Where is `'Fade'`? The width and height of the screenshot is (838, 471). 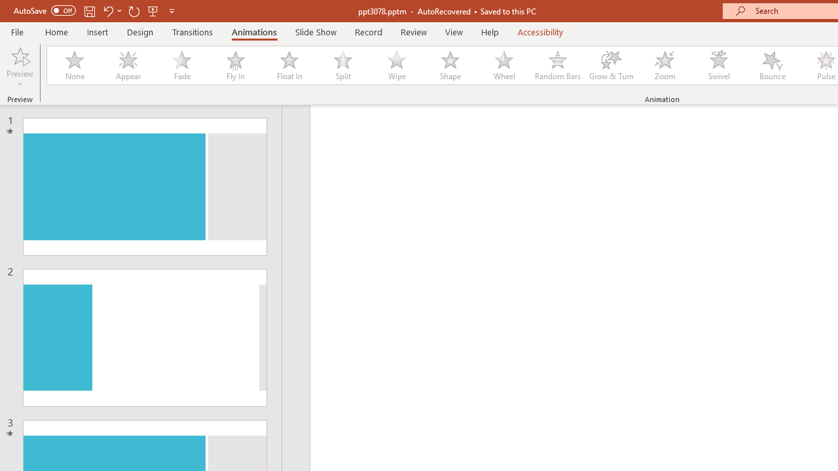
'Fade' is located at coordinates (181, 65).